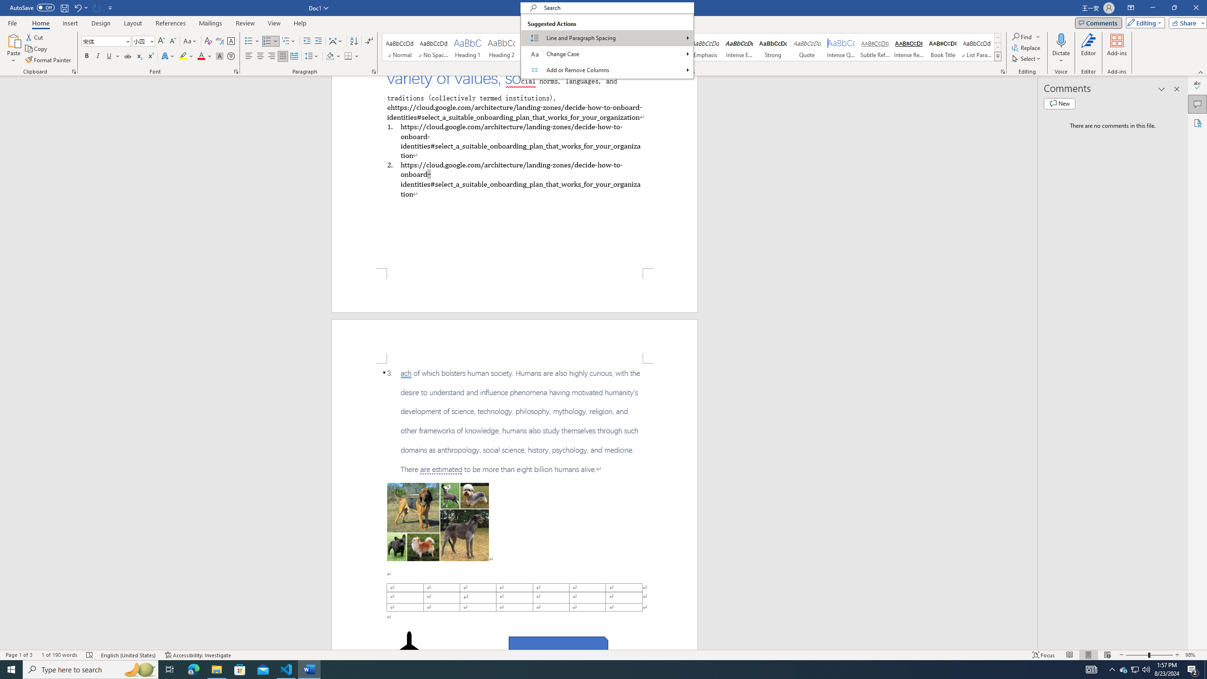 This screenshot has height=679, width=1207. Describe the element at coordinates (37, 49) in the screenshot. I see `'Copy'` at that location.